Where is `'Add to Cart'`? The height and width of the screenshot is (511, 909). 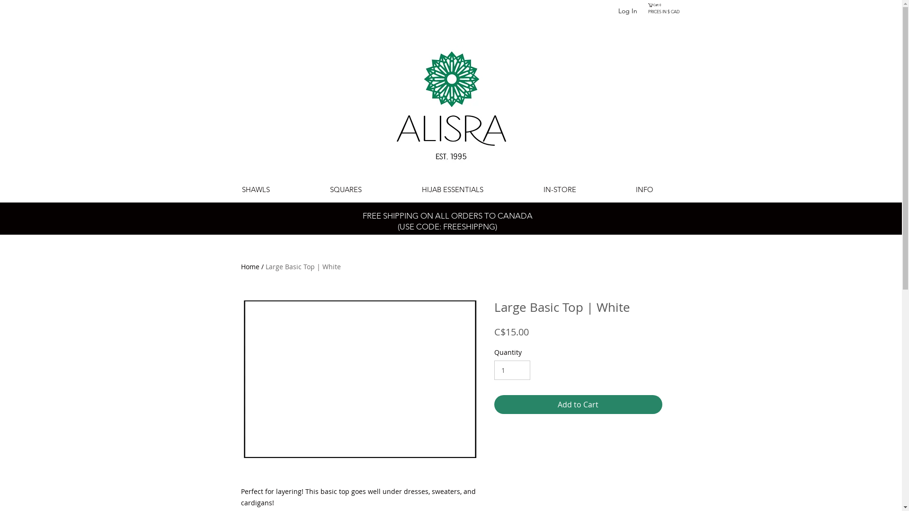 'Add to Cart' is located at coordinates (578, 405).